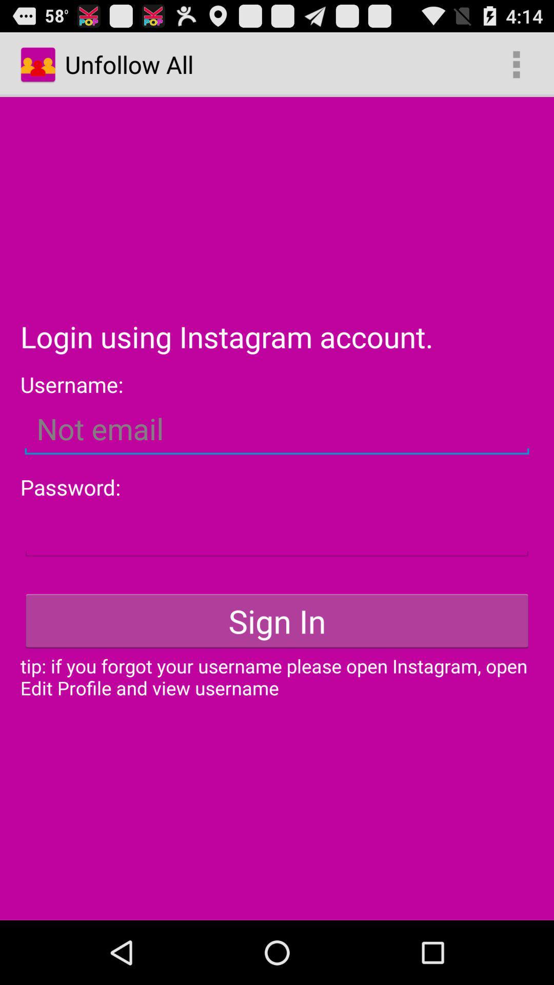  I want to click on app above the tip if you icon, so click(277, 620).